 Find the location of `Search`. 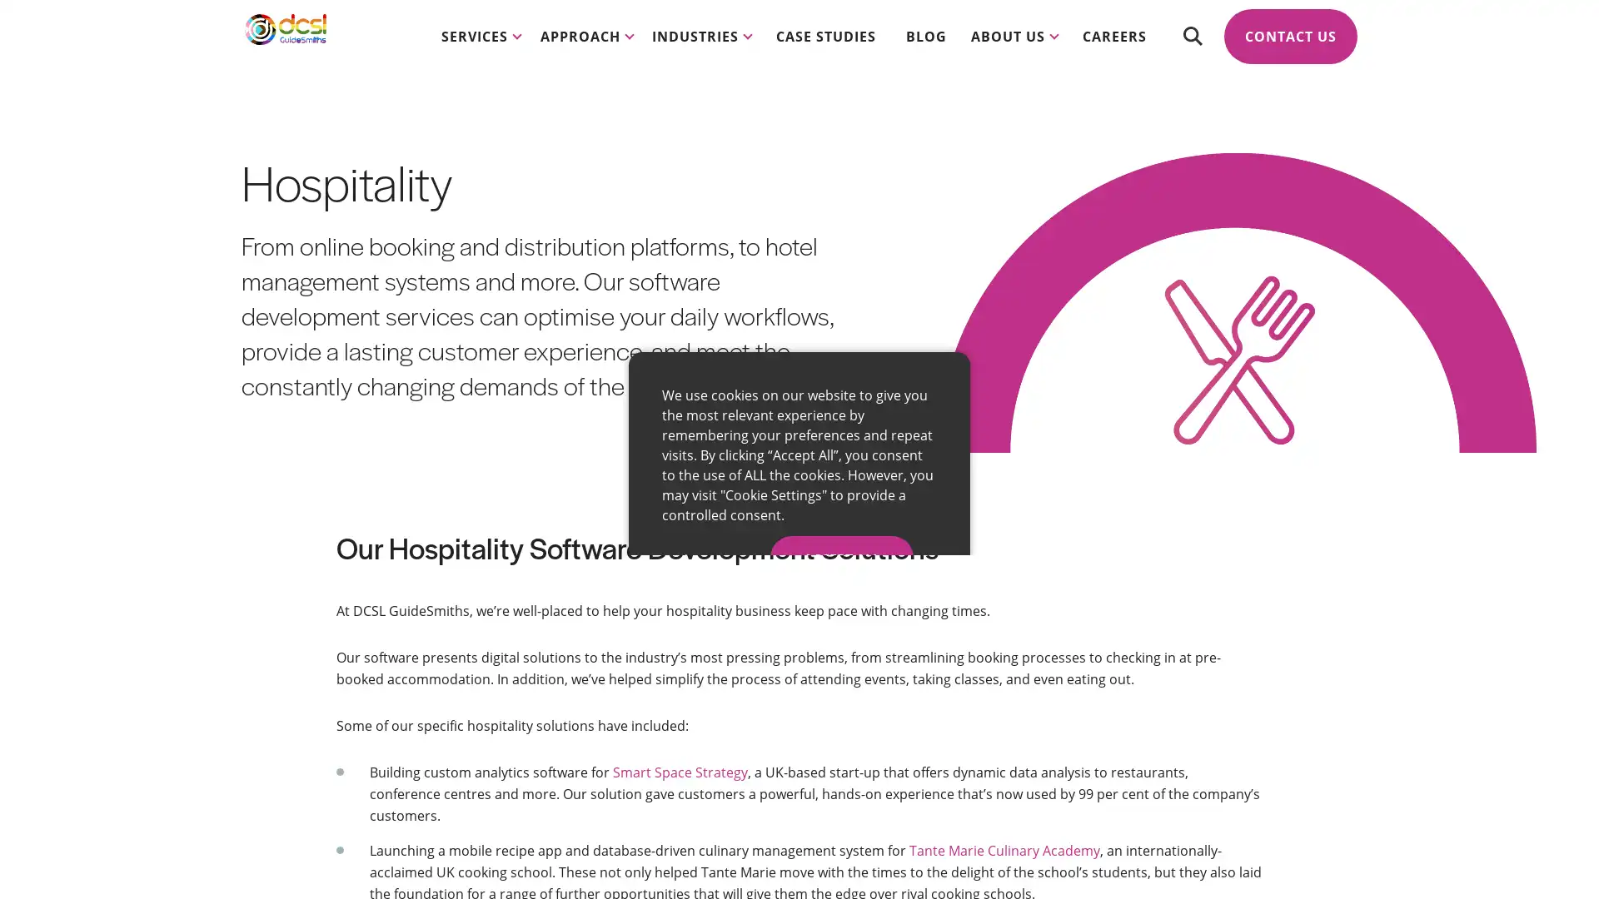

Search is located at coordinates (1191, 50).